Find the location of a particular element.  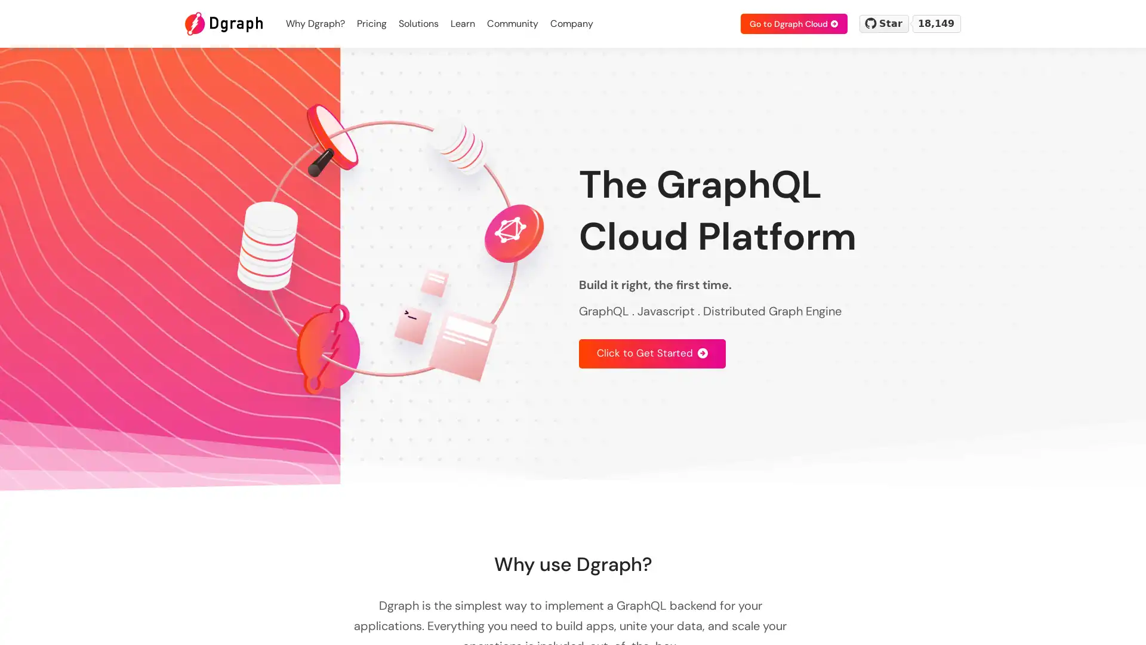

Click to Get Started is located at coordinates (652, 352).